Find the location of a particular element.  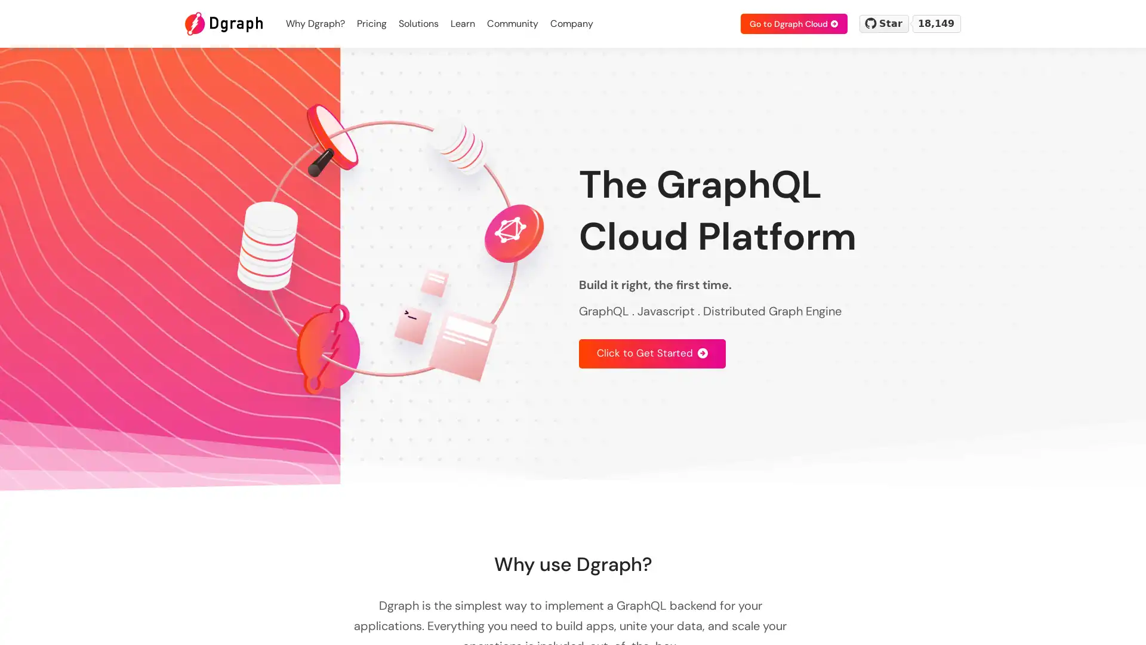

Click to Get Started is located at coordinates (652, 352).